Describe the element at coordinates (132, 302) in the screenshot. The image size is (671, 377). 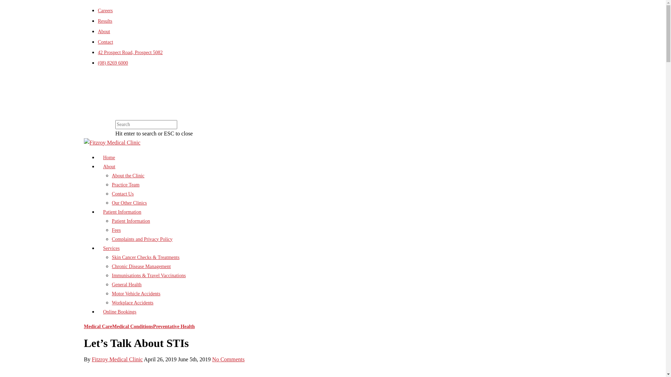
I see `'Workplace Accidents'` at that location.